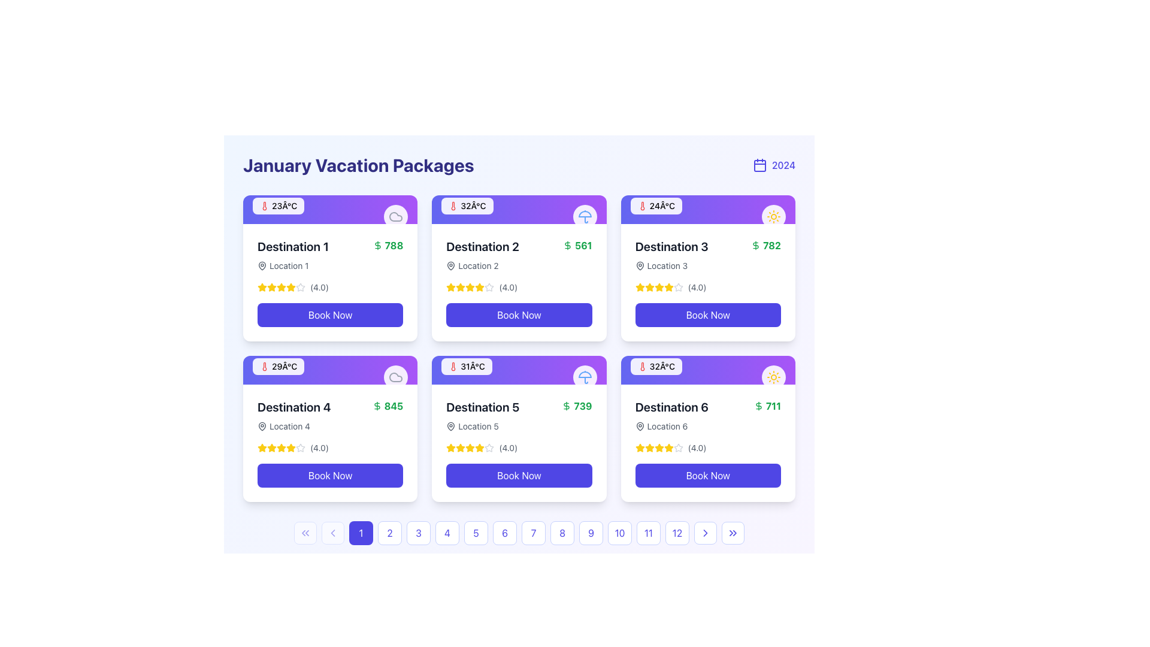 The height and width of the screenshot is (647, 1150). What do you see at coordinates (755, 244) in the screenshot?
I see `the currency symbol icon located to the left of the numeric value '782' within the 'Destination 3' card in the grid layout` at bounding box center [755, 244].